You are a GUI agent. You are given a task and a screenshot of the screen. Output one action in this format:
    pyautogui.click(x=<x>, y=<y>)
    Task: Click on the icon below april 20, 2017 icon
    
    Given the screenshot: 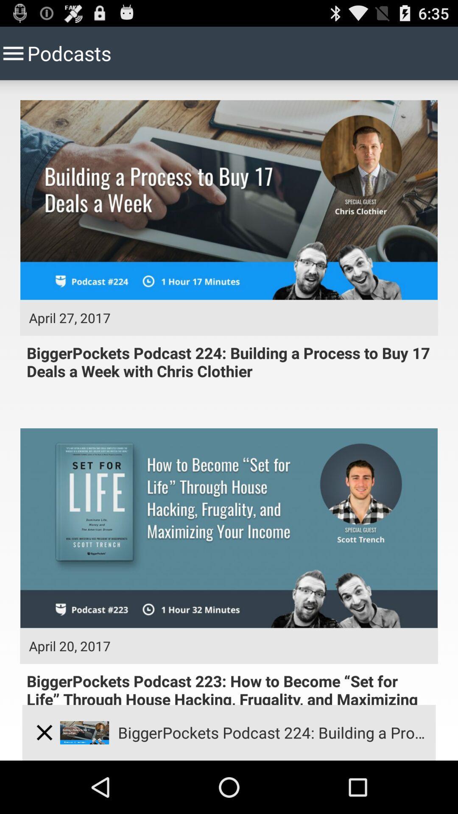 What is the action you would take?
    pyautogui.click(x=44, y=732)
    